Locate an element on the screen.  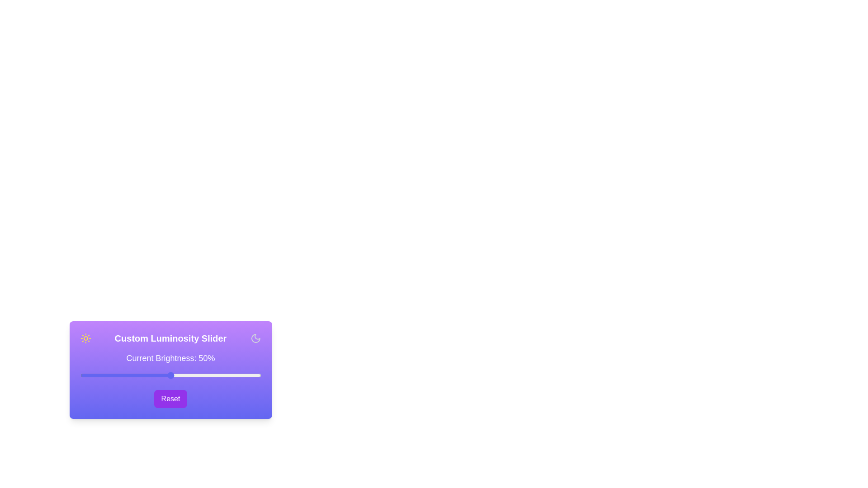
the slider labeled 'Current Brightness: 50%' is located at coordinates (170, 371).